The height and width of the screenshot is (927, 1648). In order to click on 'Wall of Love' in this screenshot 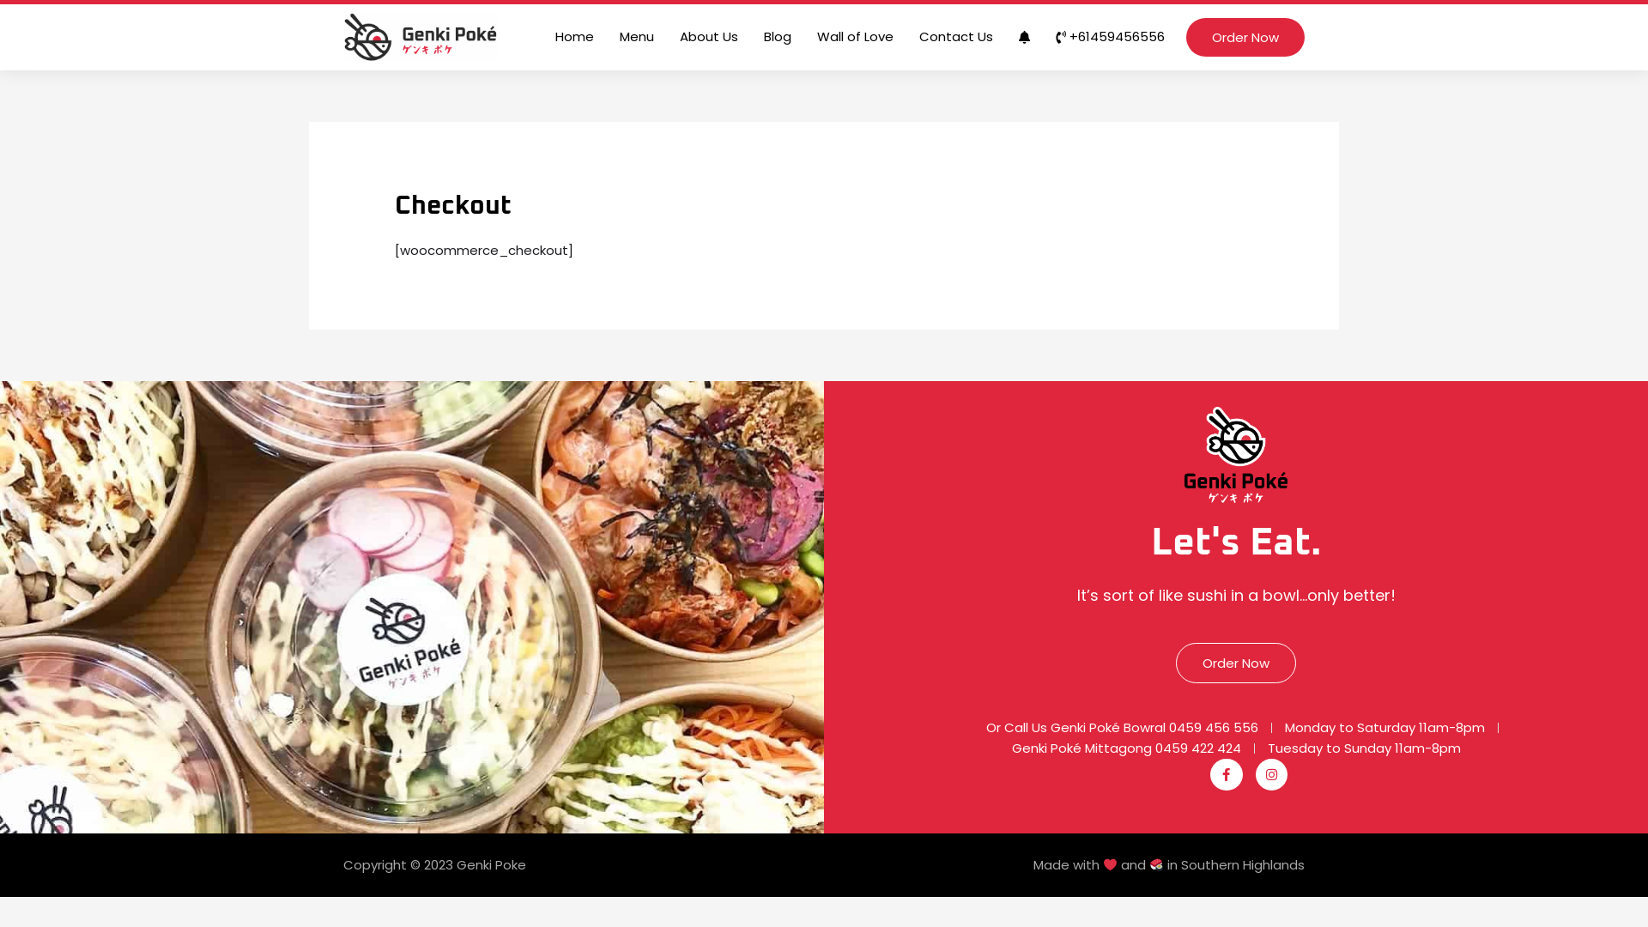, I will do `click(803, 36)`.